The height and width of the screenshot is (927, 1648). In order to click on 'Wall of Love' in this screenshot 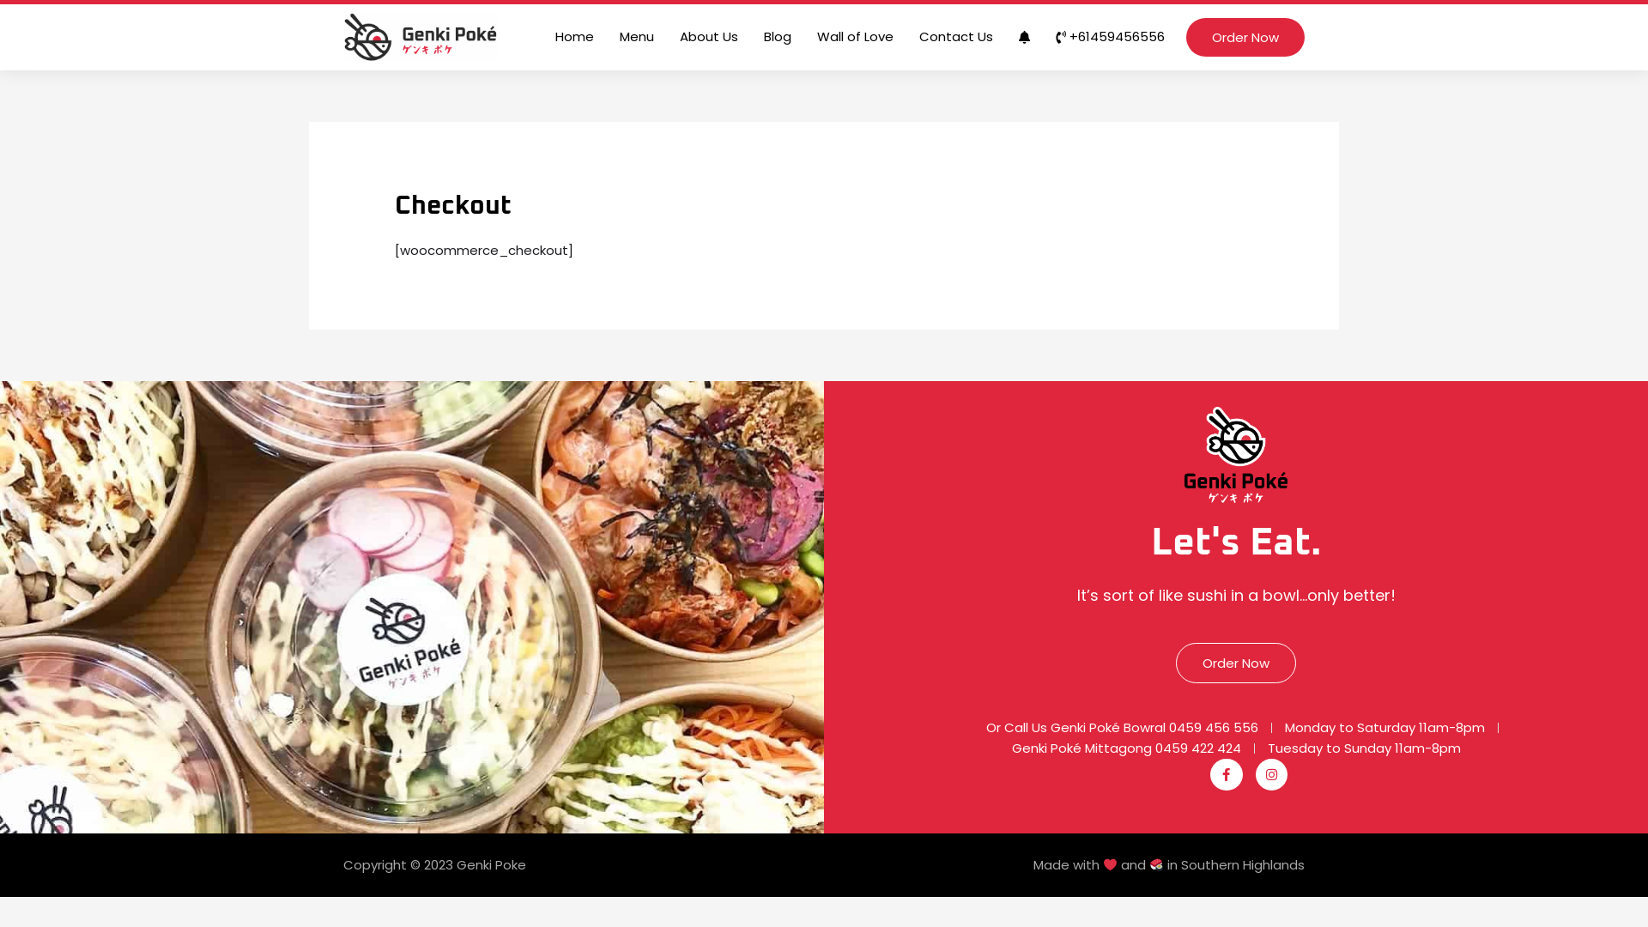, I will do `click(803, 36)`.